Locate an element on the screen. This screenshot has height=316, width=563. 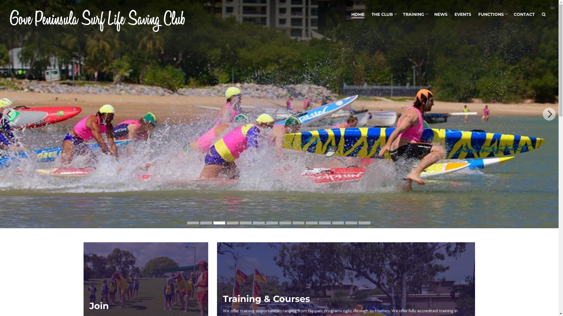
'FUNCTIONS' is located at coordinates (492, 14).